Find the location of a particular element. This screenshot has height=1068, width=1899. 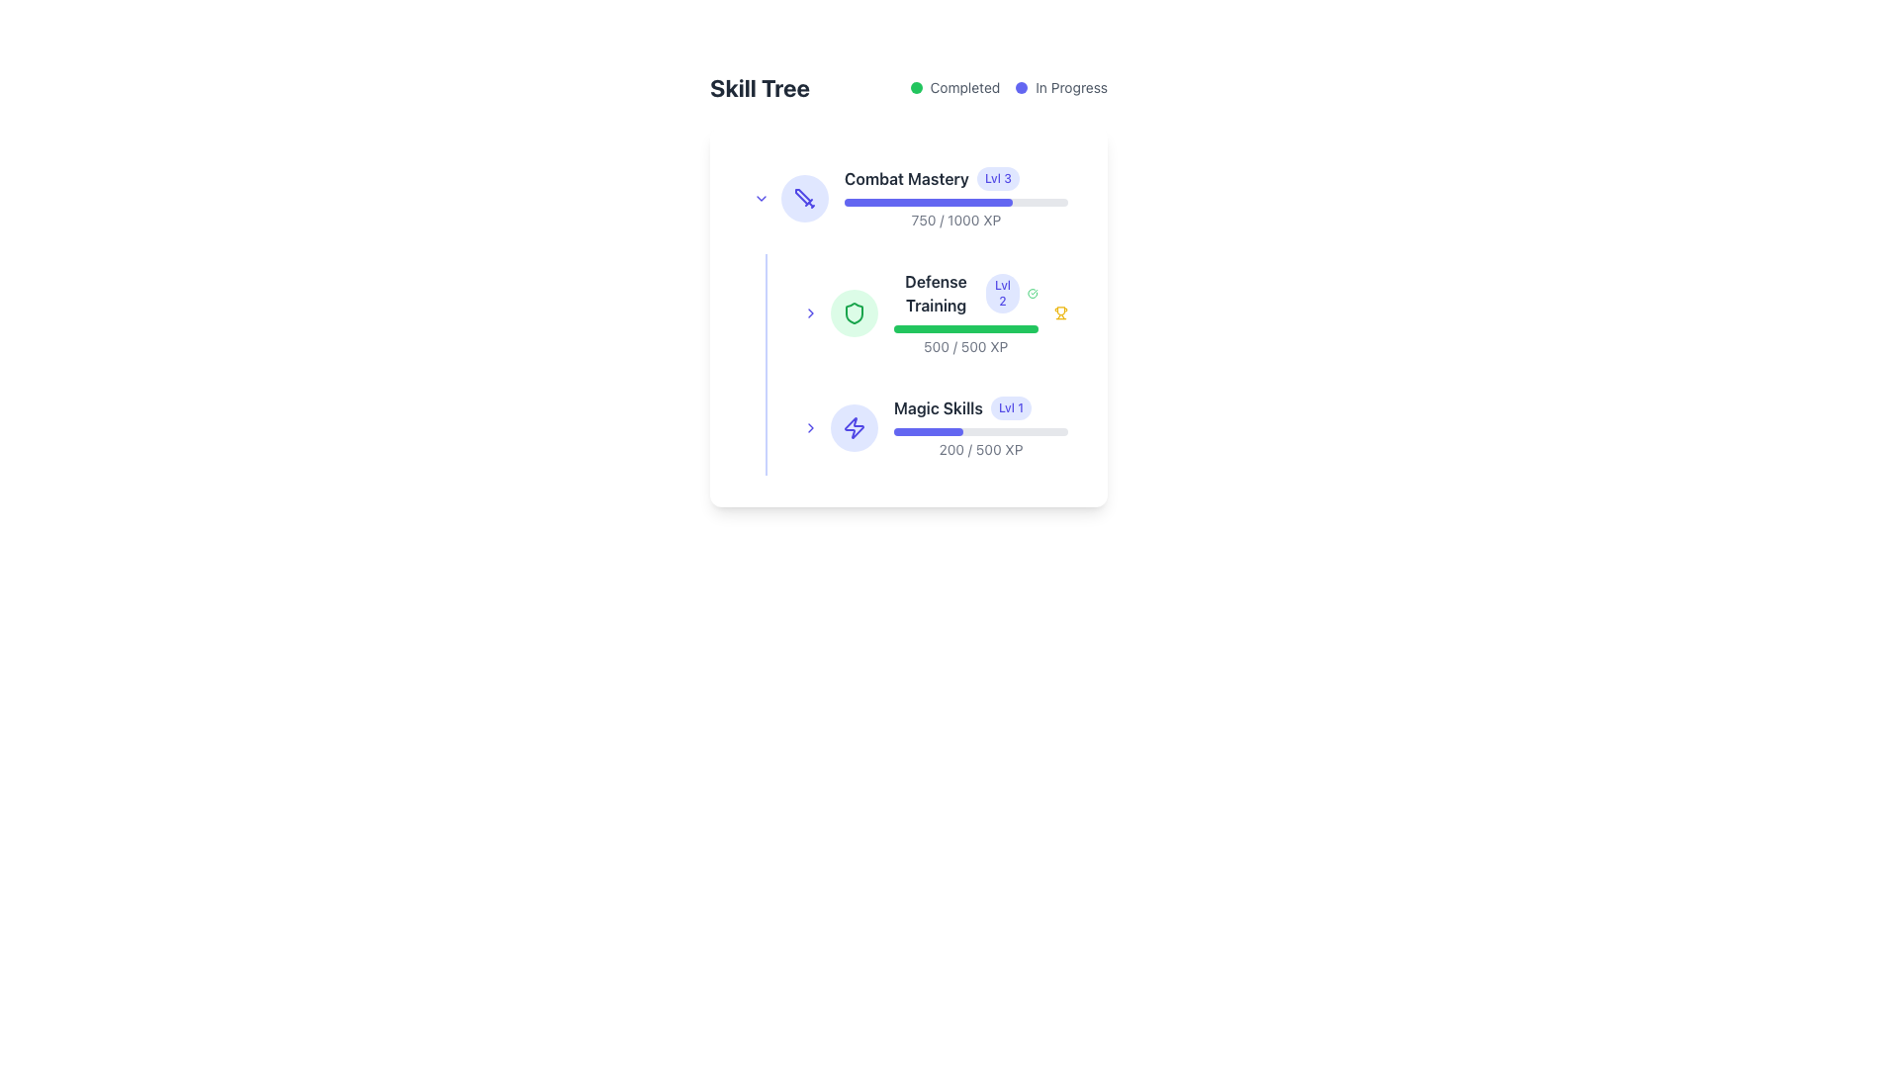

the progress bar located in the 'Defense Training' section, which is a thin, rounded rectangle with a gray background and a green-filled portion indicating progress is located at coordinates (965, 327).